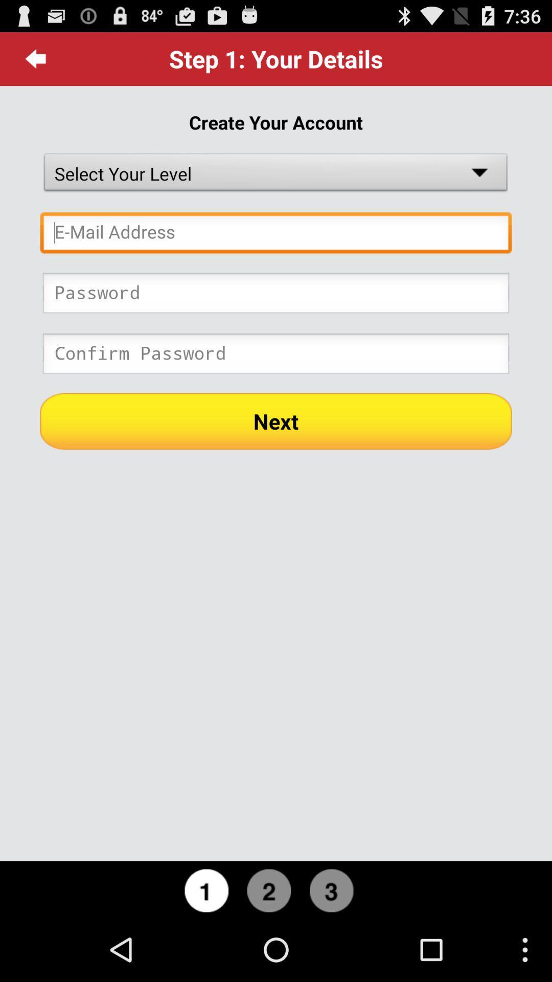  Describe the element at coordinates (35, 58) in the screenshot. I see `item next to step 1 your` at that location.